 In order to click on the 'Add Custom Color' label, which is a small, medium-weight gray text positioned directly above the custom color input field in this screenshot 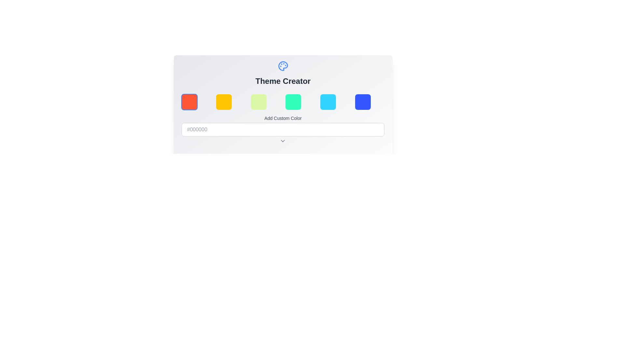, I will do `click(283, 118)`.